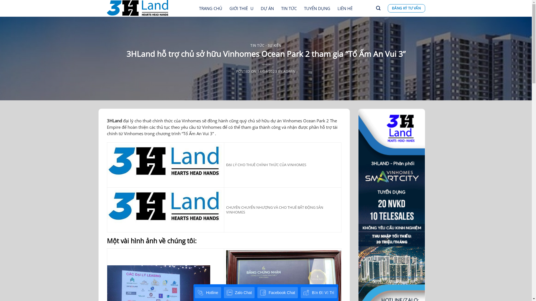 The height and width of the screenshot is (301, 536). I want to click on 'ADMIN', so click(284, 71).